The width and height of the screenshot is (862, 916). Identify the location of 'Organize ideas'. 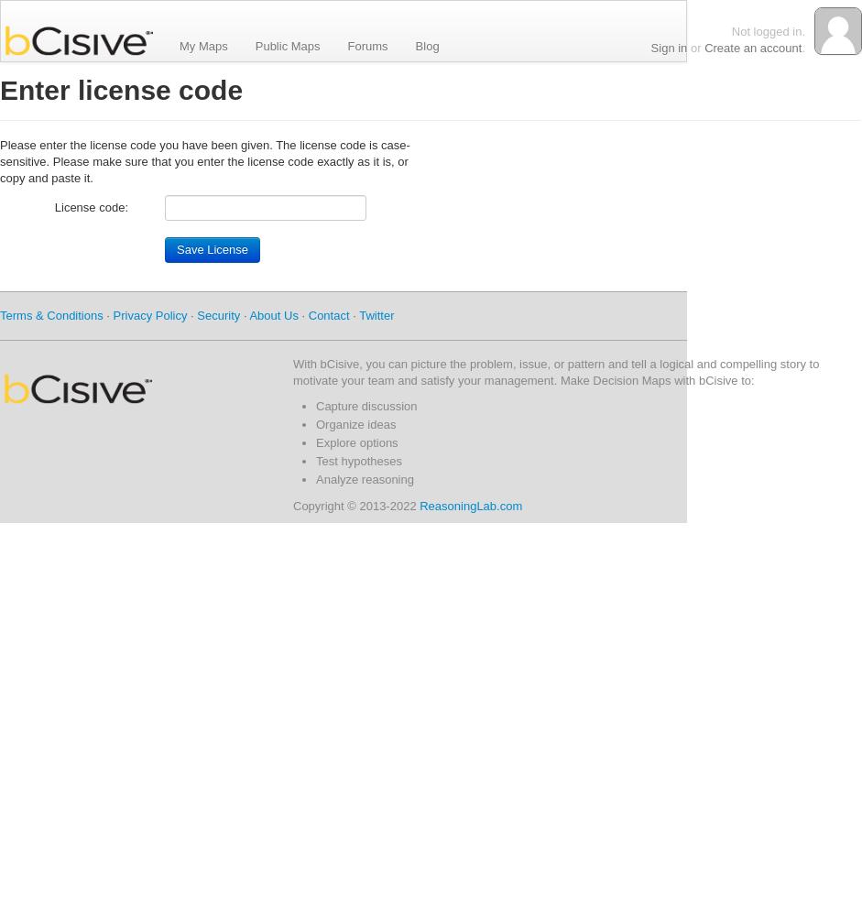
(355, 423).